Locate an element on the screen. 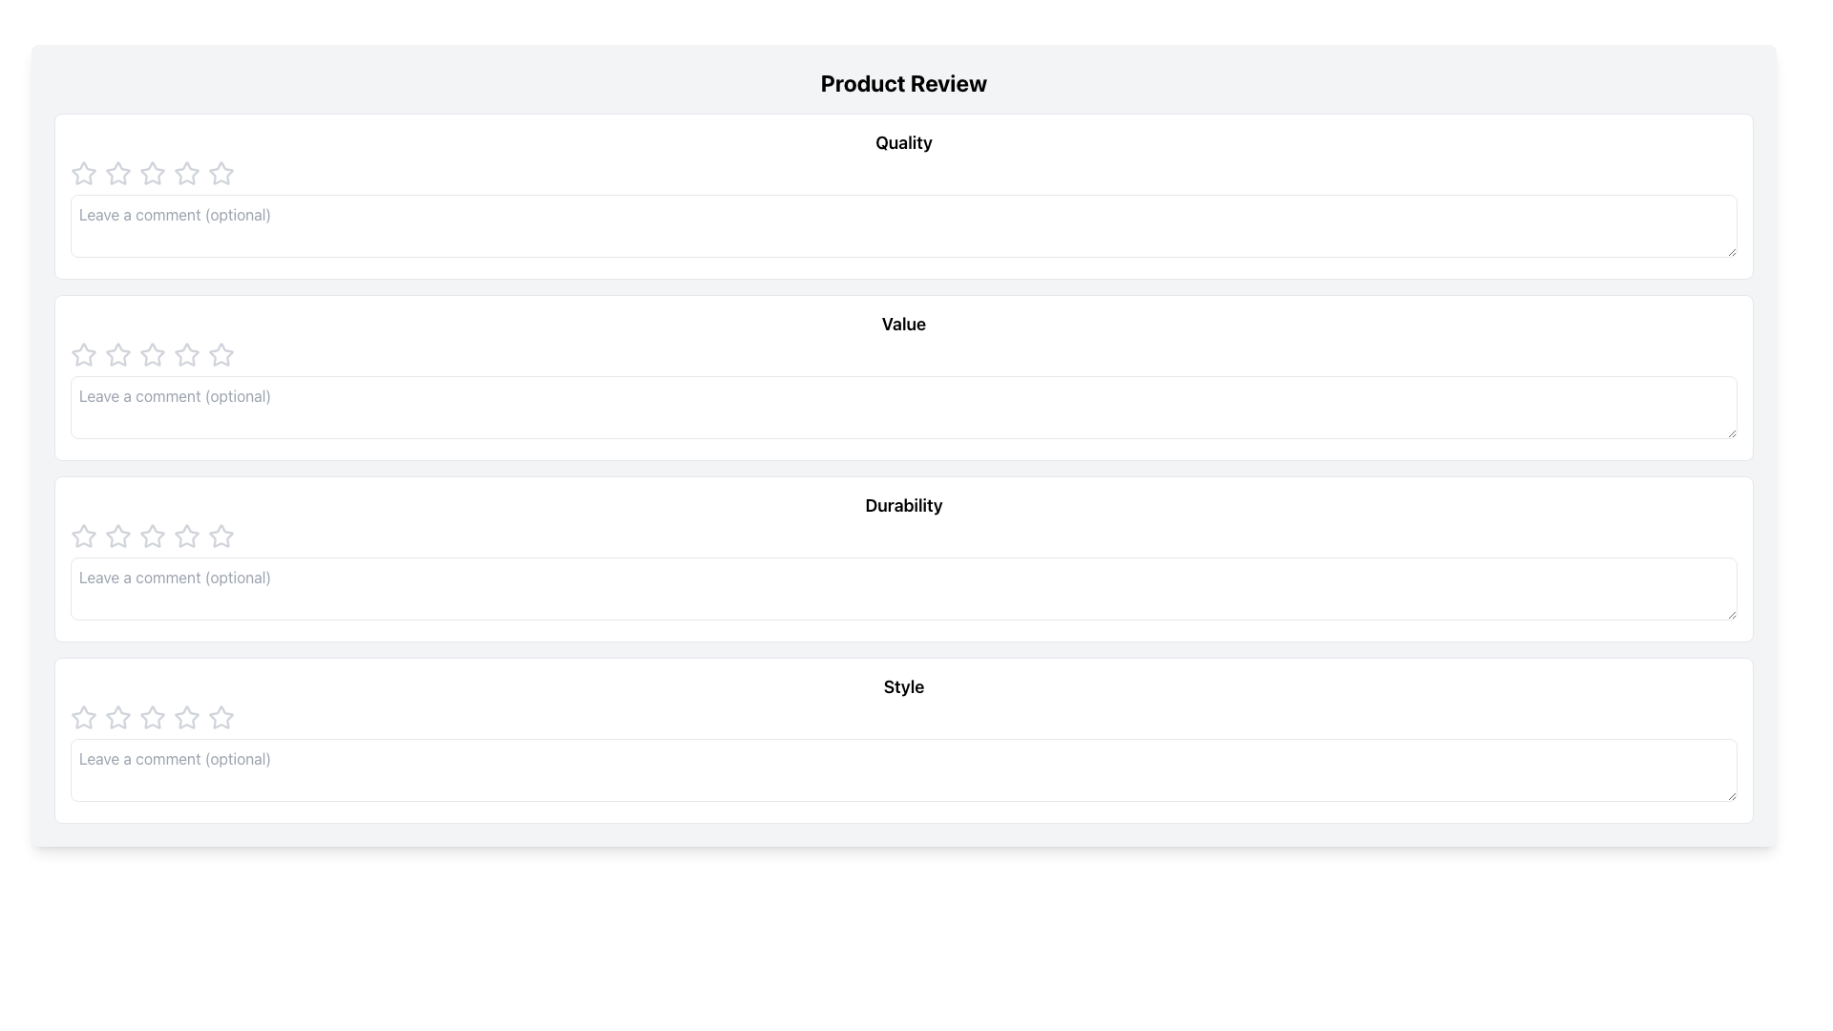 The image size is (1833, 1031). the first star icon in the 'Quality' rating section for accessibility interactions is located at coordinates (117, 173).